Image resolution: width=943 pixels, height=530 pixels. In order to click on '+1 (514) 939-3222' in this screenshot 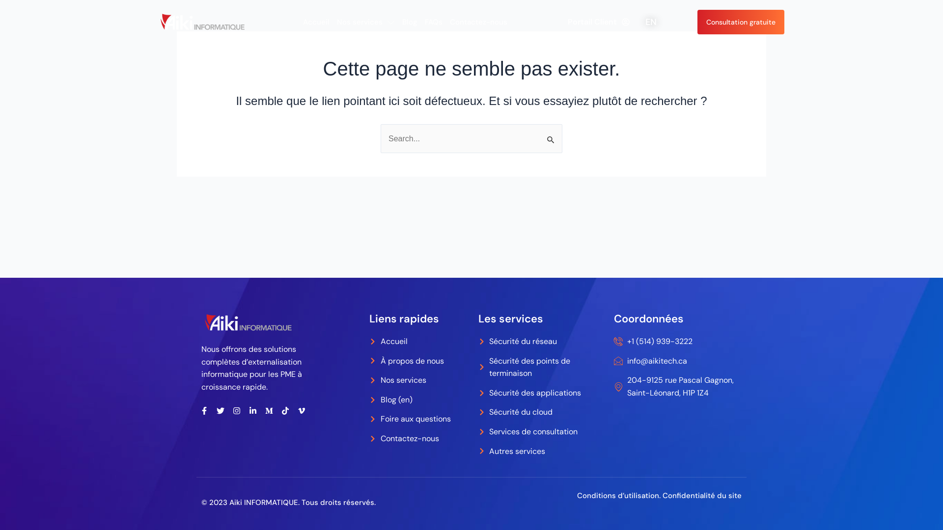, I will do `click(677, 341)`.